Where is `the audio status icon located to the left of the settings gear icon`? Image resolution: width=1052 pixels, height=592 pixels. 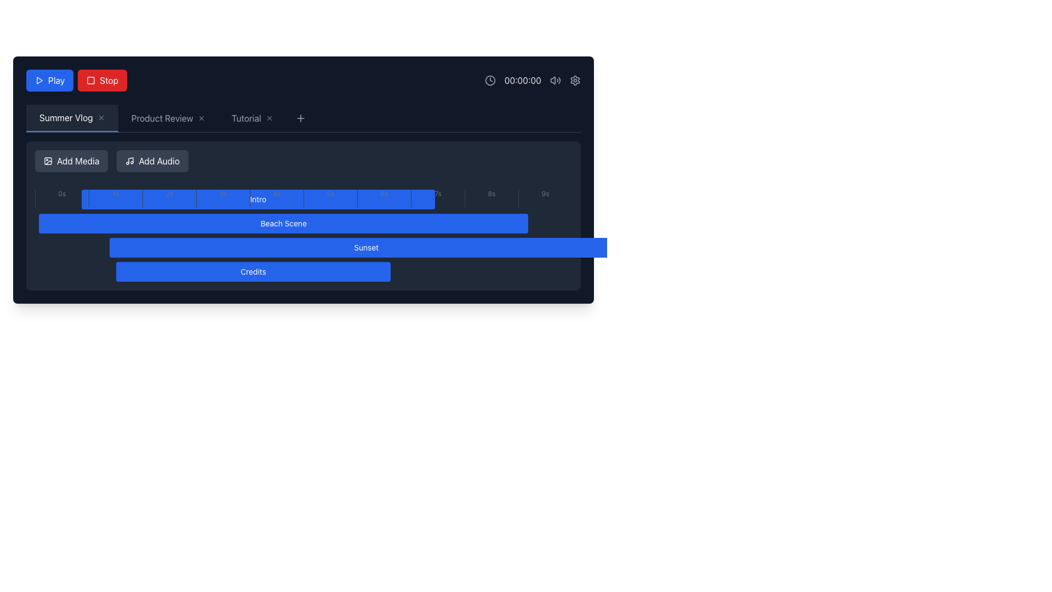 the audio status icon located to the left of the settings gear icon is located at coordinates (555, 79).